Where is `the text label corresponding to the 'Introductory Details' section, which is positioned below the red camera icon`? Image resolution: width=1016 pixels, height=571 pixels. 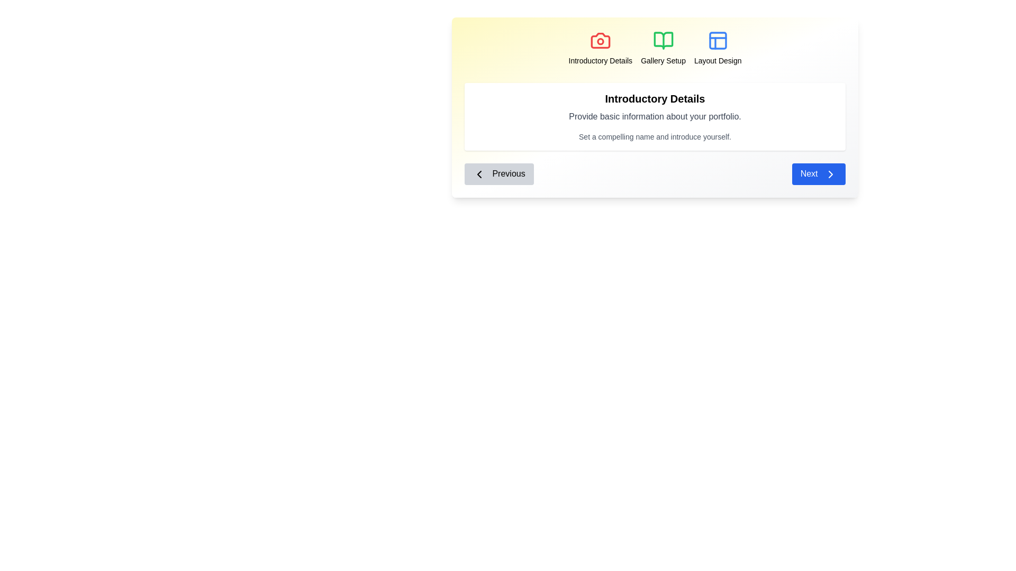 the text label corresponding to the 'Introductory Details' section, which is positioned below the red camera icon is located at coordinates (600, 61).